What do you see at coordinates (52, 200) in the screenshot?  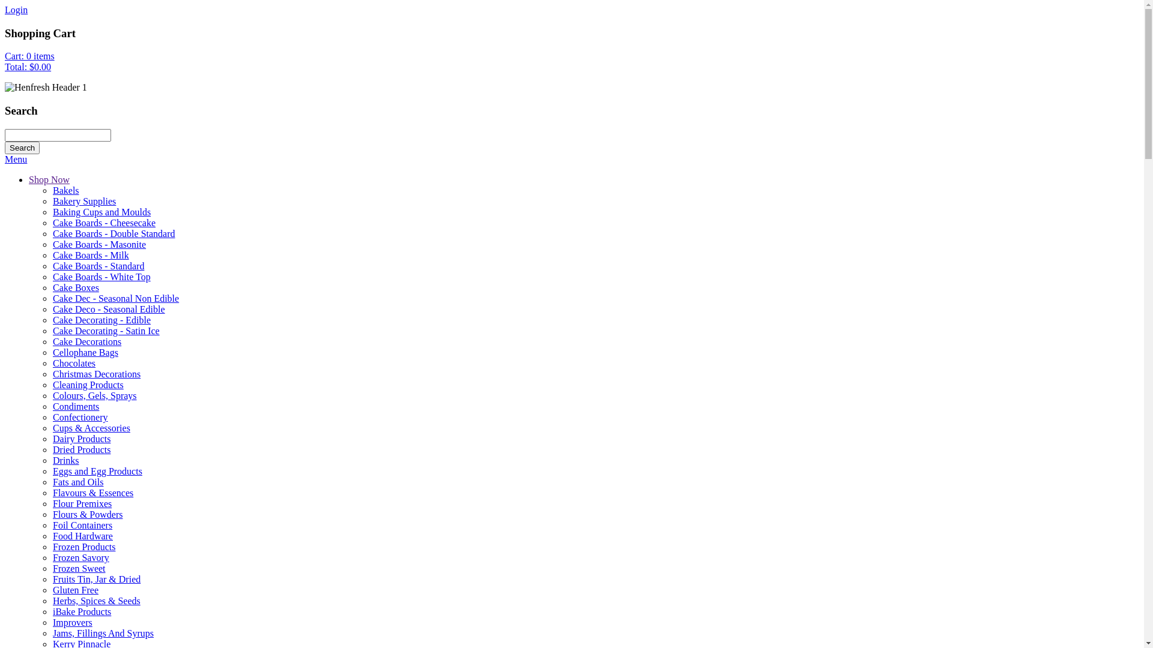 I see `'Bakery Supplies'` at bounding box center [52, 200].